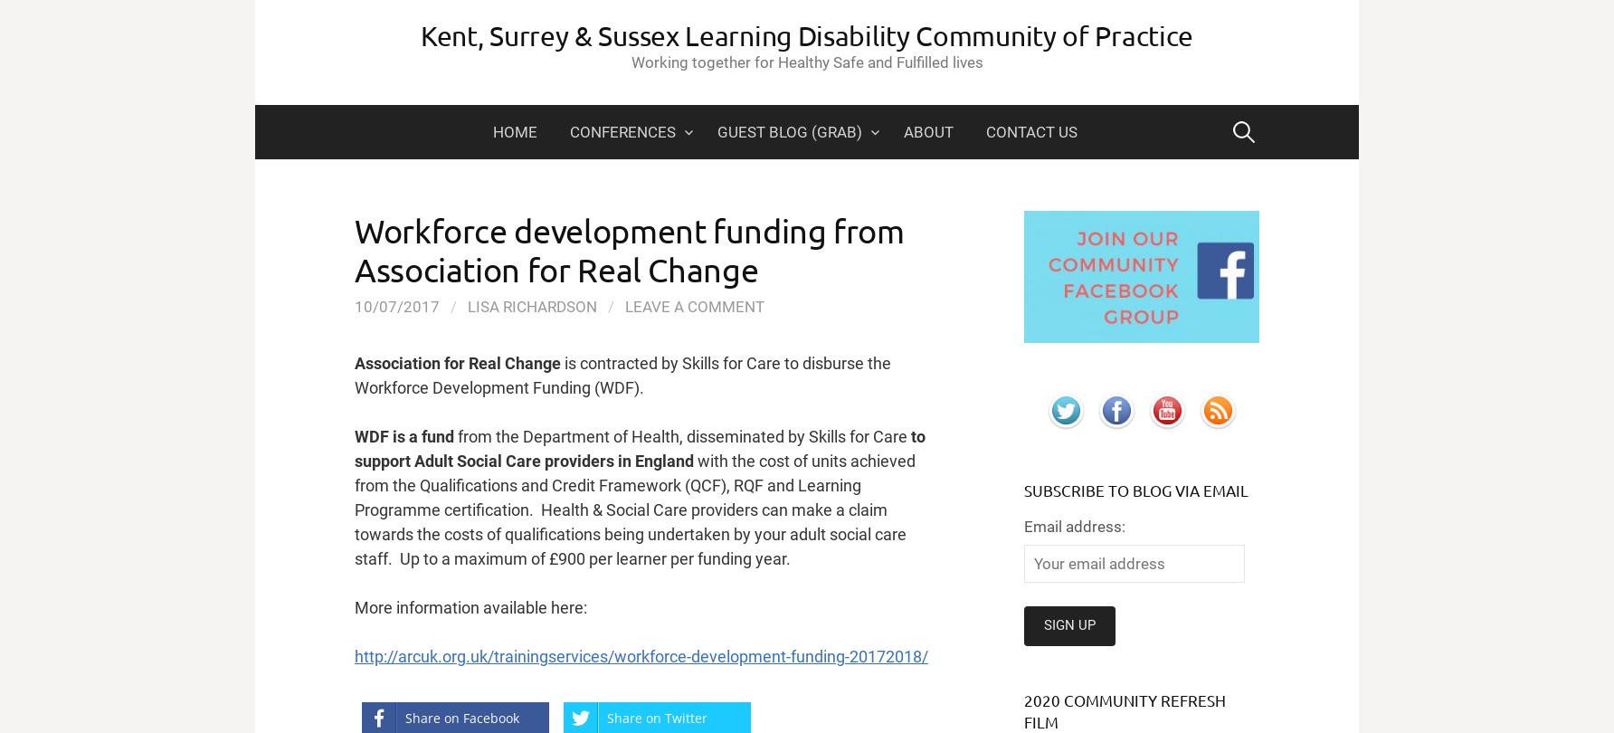 This screenshot has width=1614, height=733. What do you see at coordinates (805, 62) in the screenshot?
I see `'Working together for Healthy Safe and Fulfilled lives'` at bounding box center [805, 62].